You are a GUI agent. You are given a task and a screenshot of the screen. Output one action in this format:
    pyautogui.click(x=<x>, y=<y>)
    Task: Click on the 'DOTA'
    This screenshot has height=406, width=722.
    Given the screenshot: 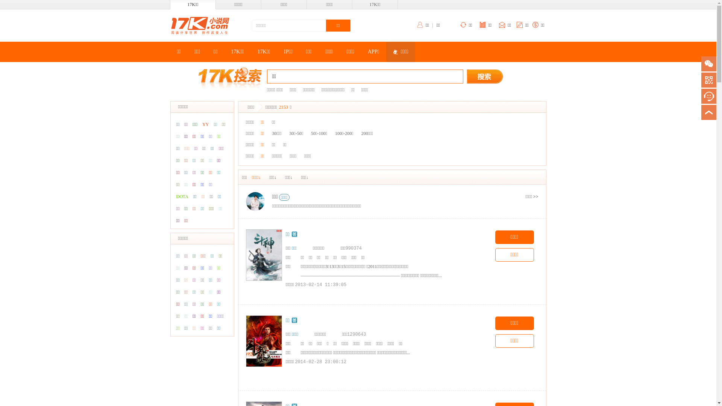 What is the action you would take?
    pyautogui.click(x=182, y=196)
    